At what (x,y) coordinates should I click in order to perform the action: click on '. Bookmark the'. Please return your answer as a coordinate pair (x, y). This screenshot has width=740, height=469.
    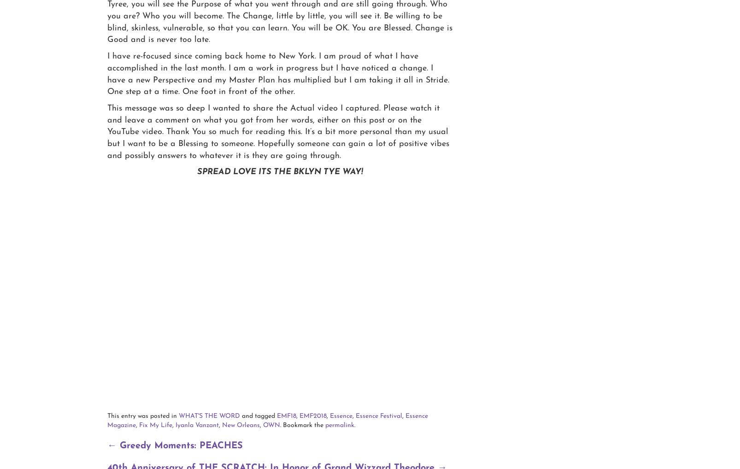
    Looking at the image, I should click on (302, 424).